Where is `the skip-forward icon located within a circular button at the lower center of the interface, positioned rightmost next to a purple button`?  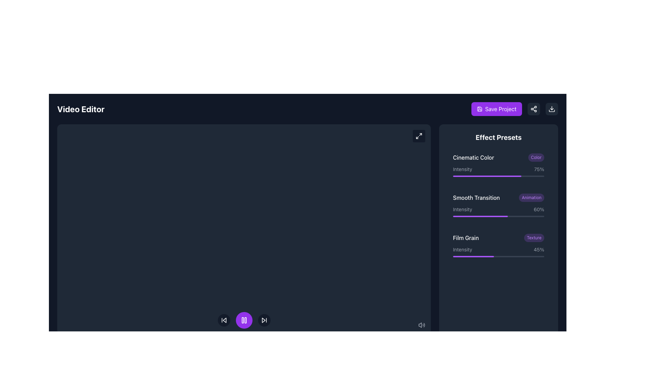 the skip-forward icon located within a circular button at the lower center of the interface, positioned rightmost next to a purple button is located at coordinates (264, 320).